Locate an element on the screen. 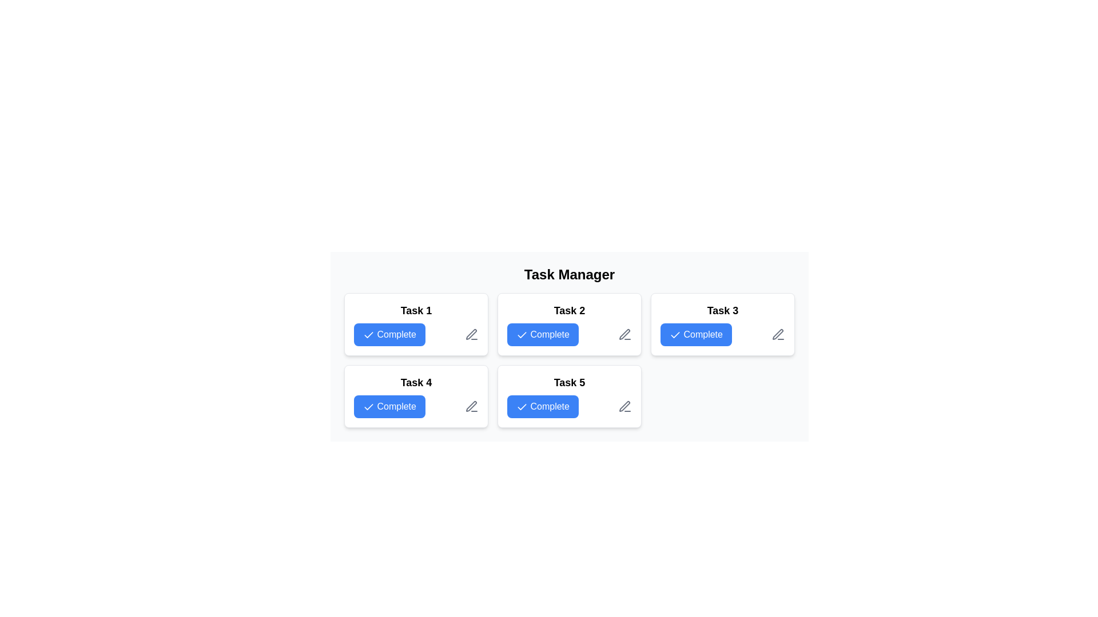 This screenshot has height=617, width=1098. the blue 'Complete' button with a white checkmark icon located in the 'Task 3' card is located at coordinates (722, 334).